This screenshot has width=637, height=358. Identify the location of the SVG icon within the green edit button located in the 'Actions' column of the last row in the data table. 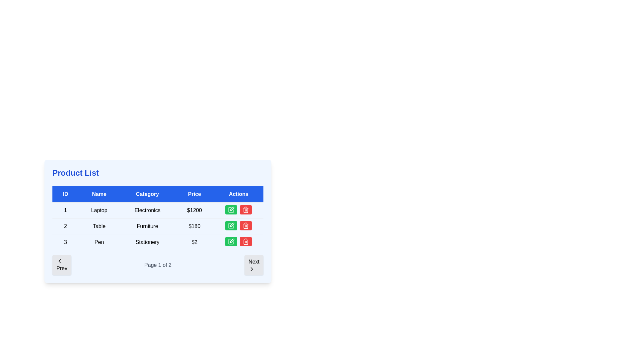
(231, 209).